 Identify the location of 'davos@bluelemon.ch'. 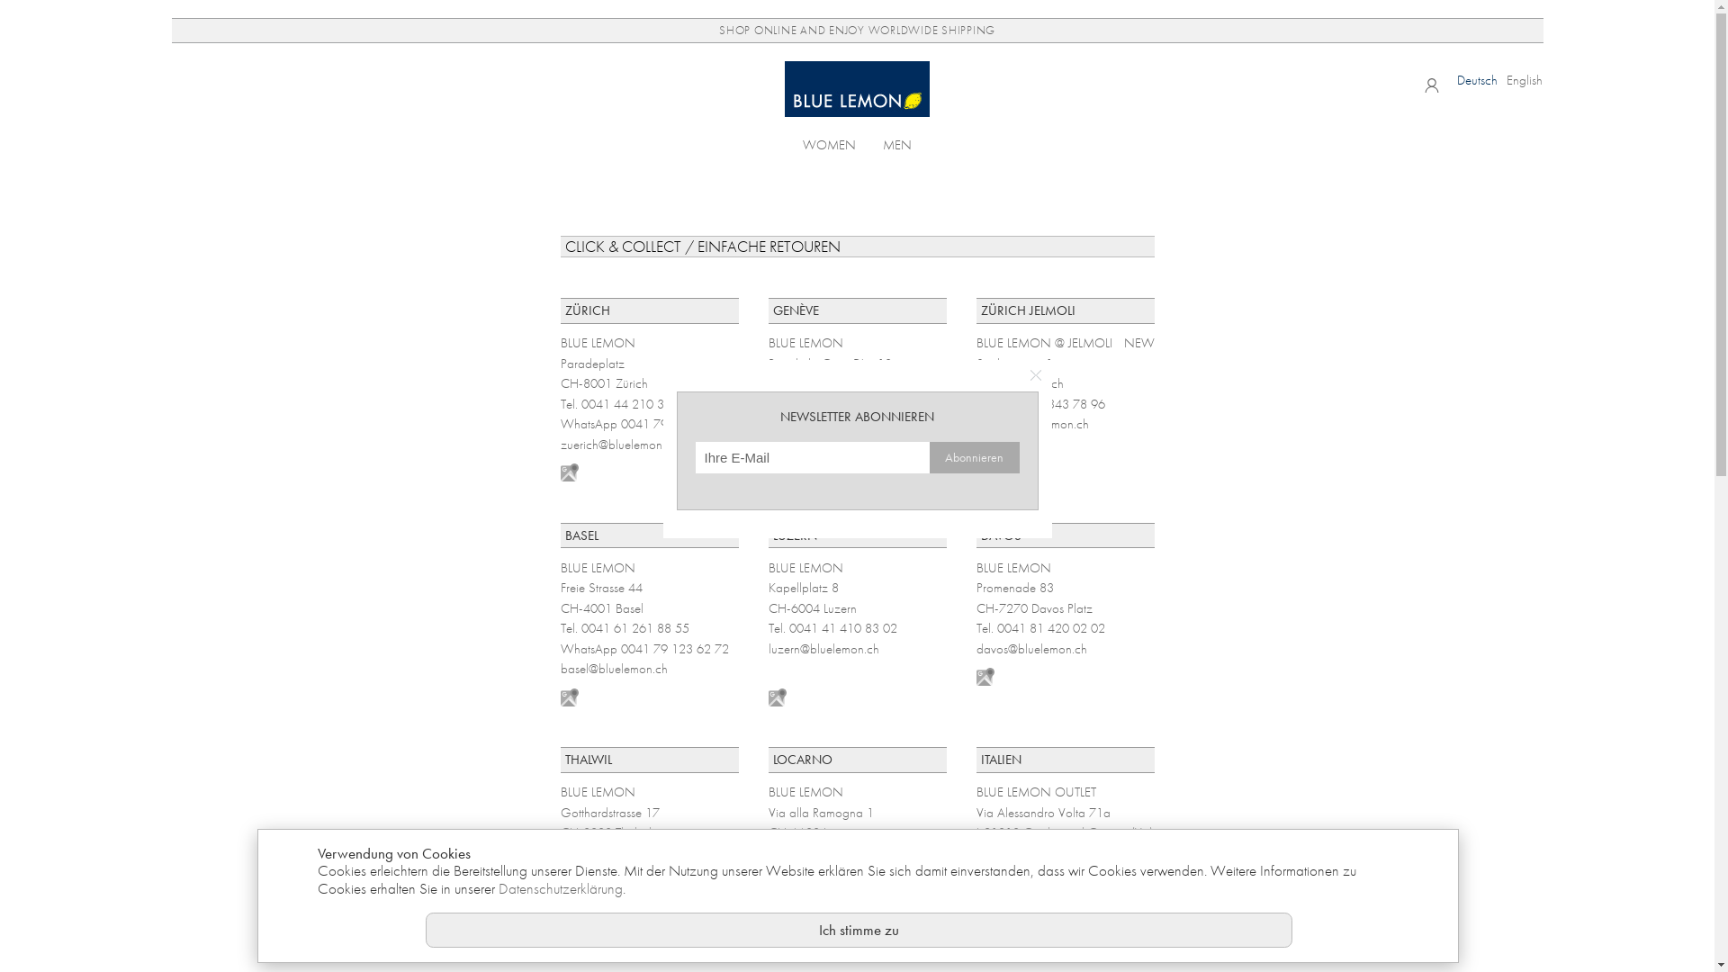
(1030, 648).